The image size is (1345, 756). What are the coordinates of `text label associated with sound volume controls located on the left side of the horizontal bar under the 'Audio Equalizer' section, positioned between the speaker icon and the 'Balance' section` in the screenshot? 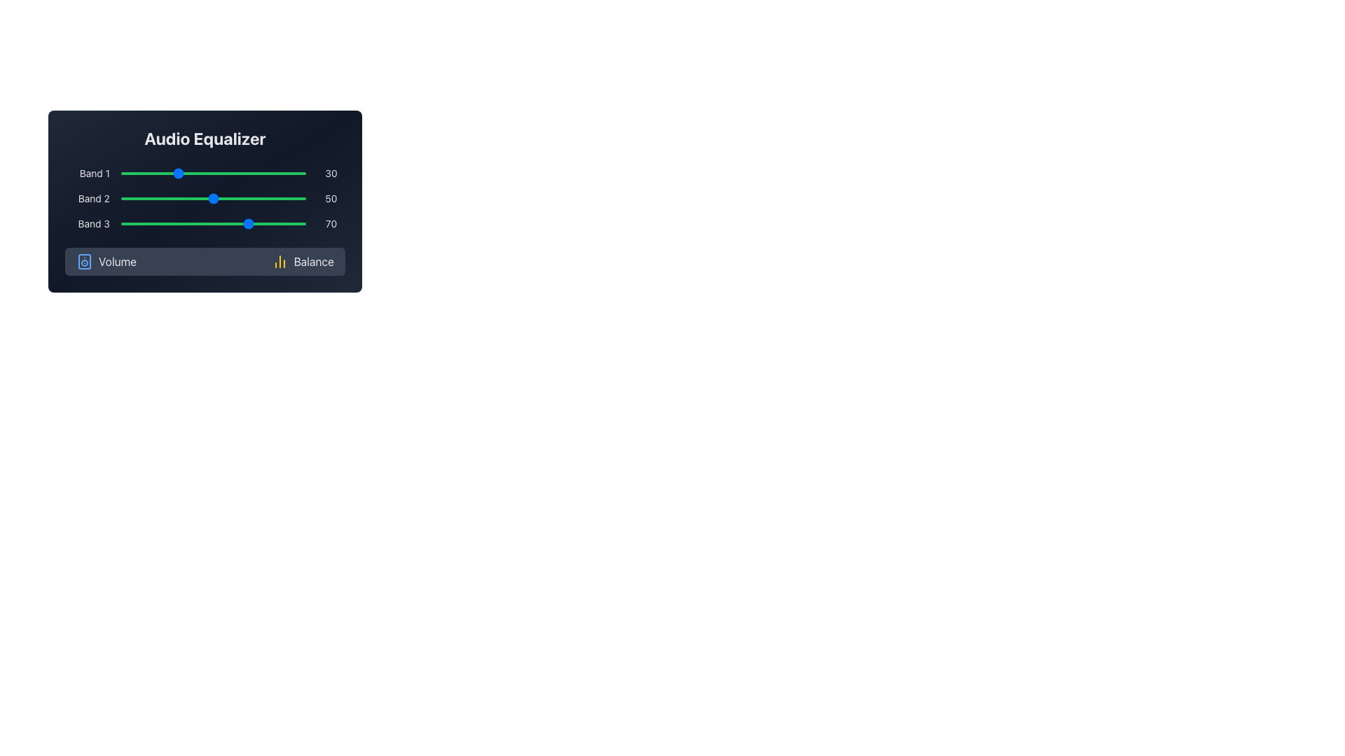 It's located at (118, 262).